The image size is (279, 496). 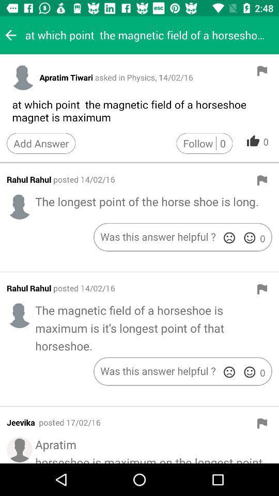 I want to click on go back, so click(x=10, y=35).